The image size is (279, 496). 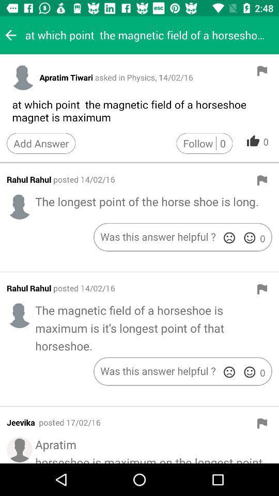 I want to click on go back, so click(x=10, y=35).